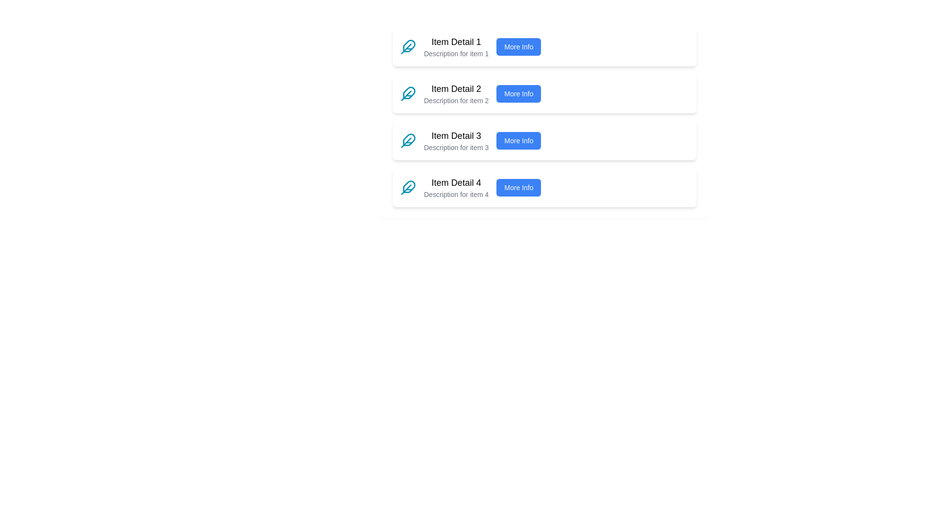 The height and width of the screenshot is (528, 940). What do you see at coordinates (456, 54) in the screenshot?
I see `description provided in the Text label positioned below 'Item Detail 1' in the item card` at bounding box center [456, 54].